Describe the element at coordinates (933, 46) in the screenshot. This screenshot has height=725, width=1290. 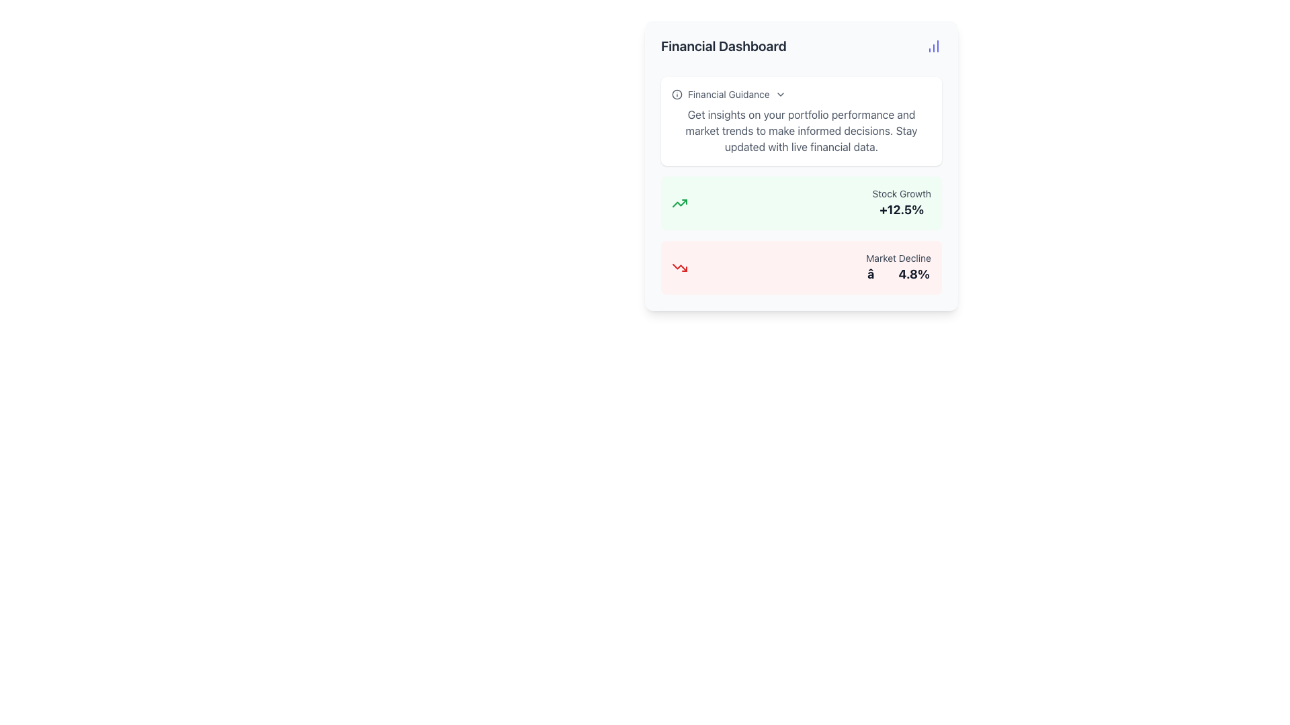
I see `the data visualization icon located at the far right end of the header section of the 'Financial Dashboard' interface` at that location.